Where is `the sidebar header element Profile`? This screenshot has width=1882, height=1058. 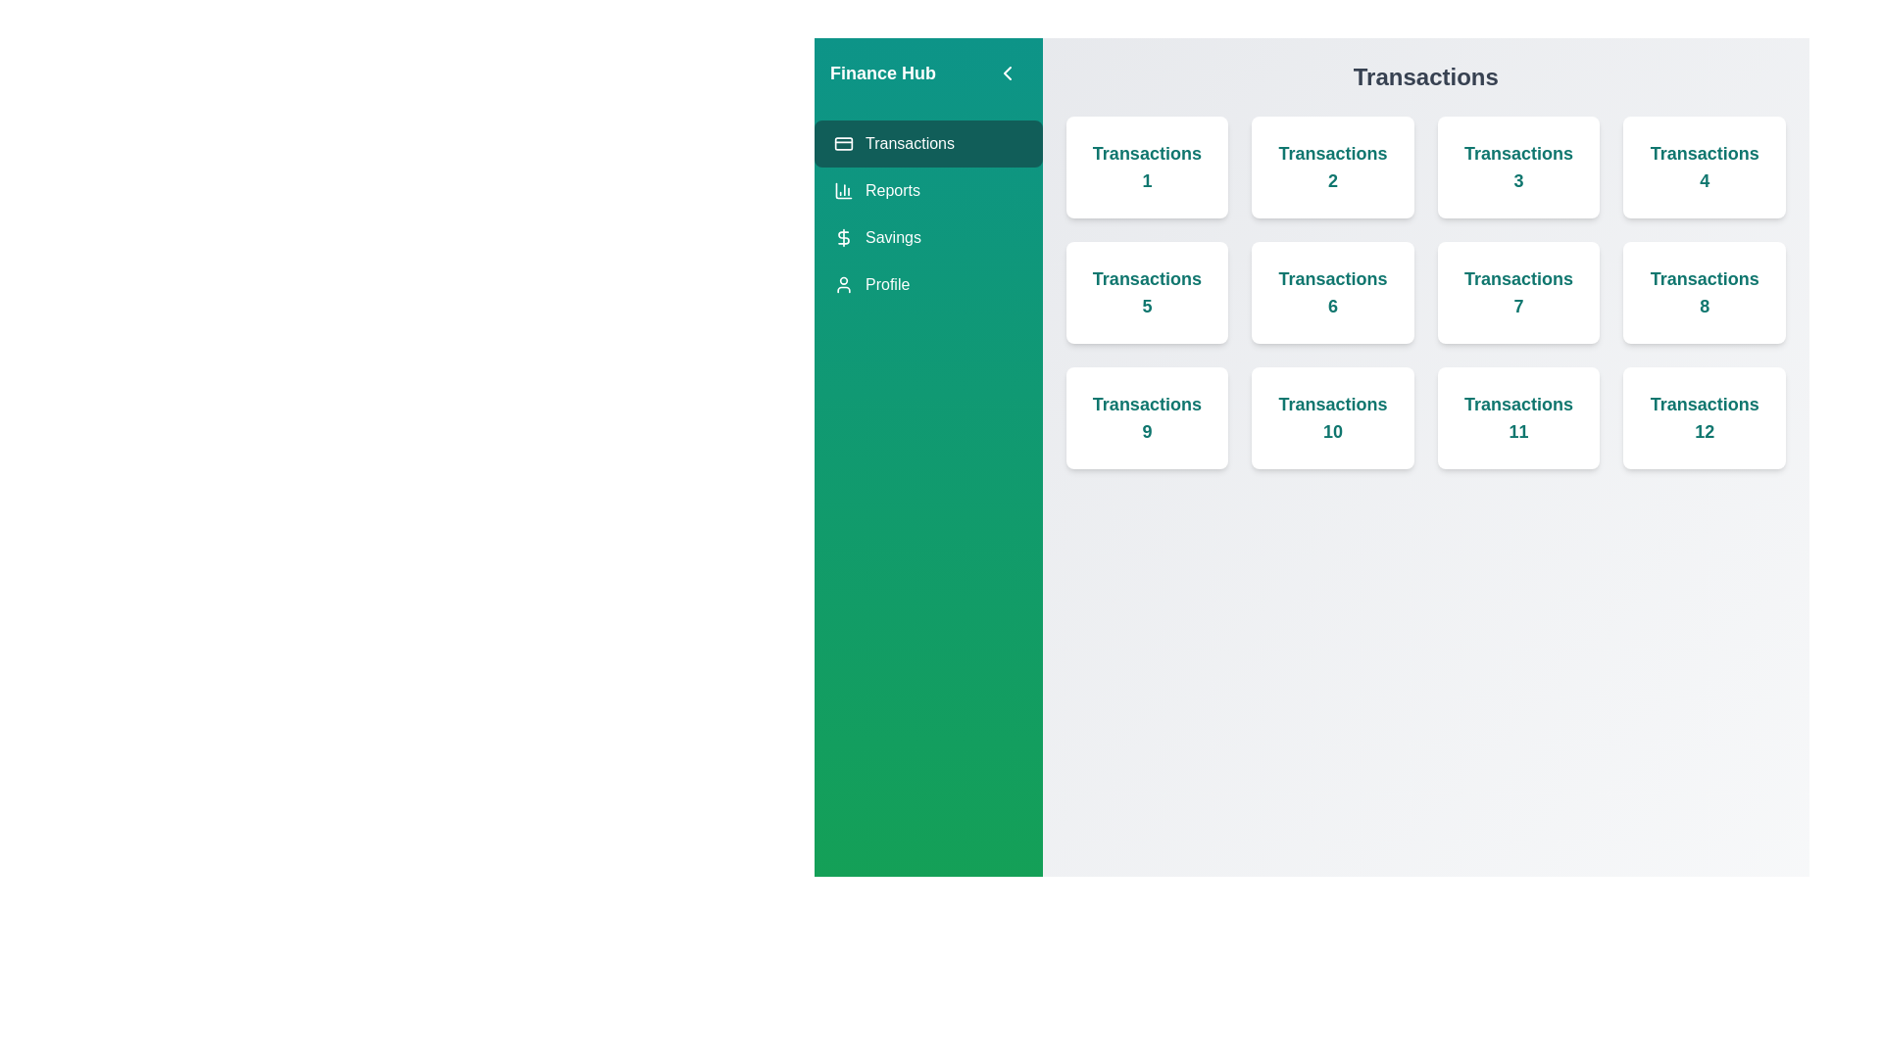 the sidebar header element Profile is located at coordinates (927, 284).